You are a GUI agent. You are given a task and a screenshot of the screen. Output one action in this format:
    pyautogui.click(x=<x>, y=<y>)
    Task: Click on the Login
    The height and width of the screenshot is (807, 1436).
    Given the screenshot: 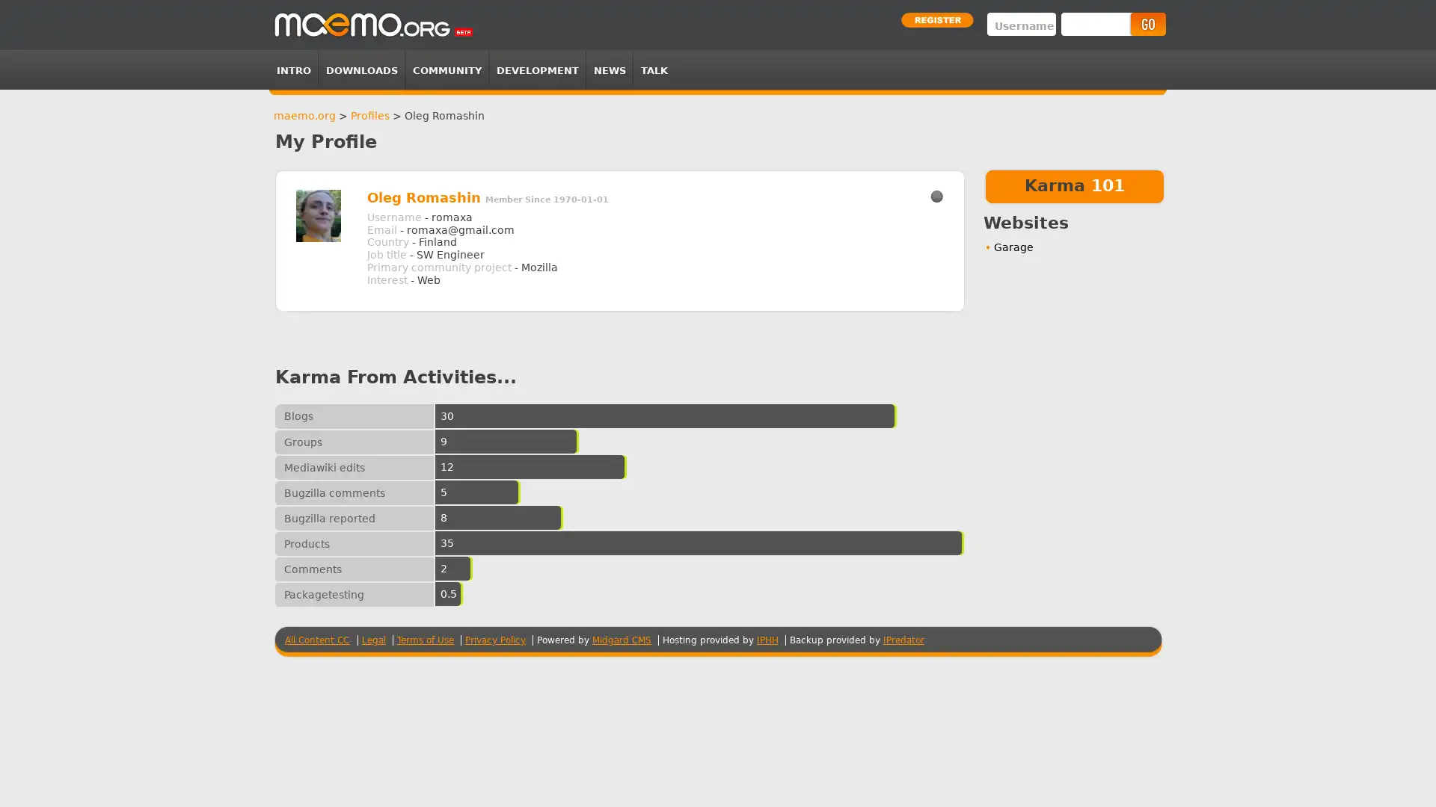 What is the action you would take?
    pyautogui.click(x=1147, y=24)
    